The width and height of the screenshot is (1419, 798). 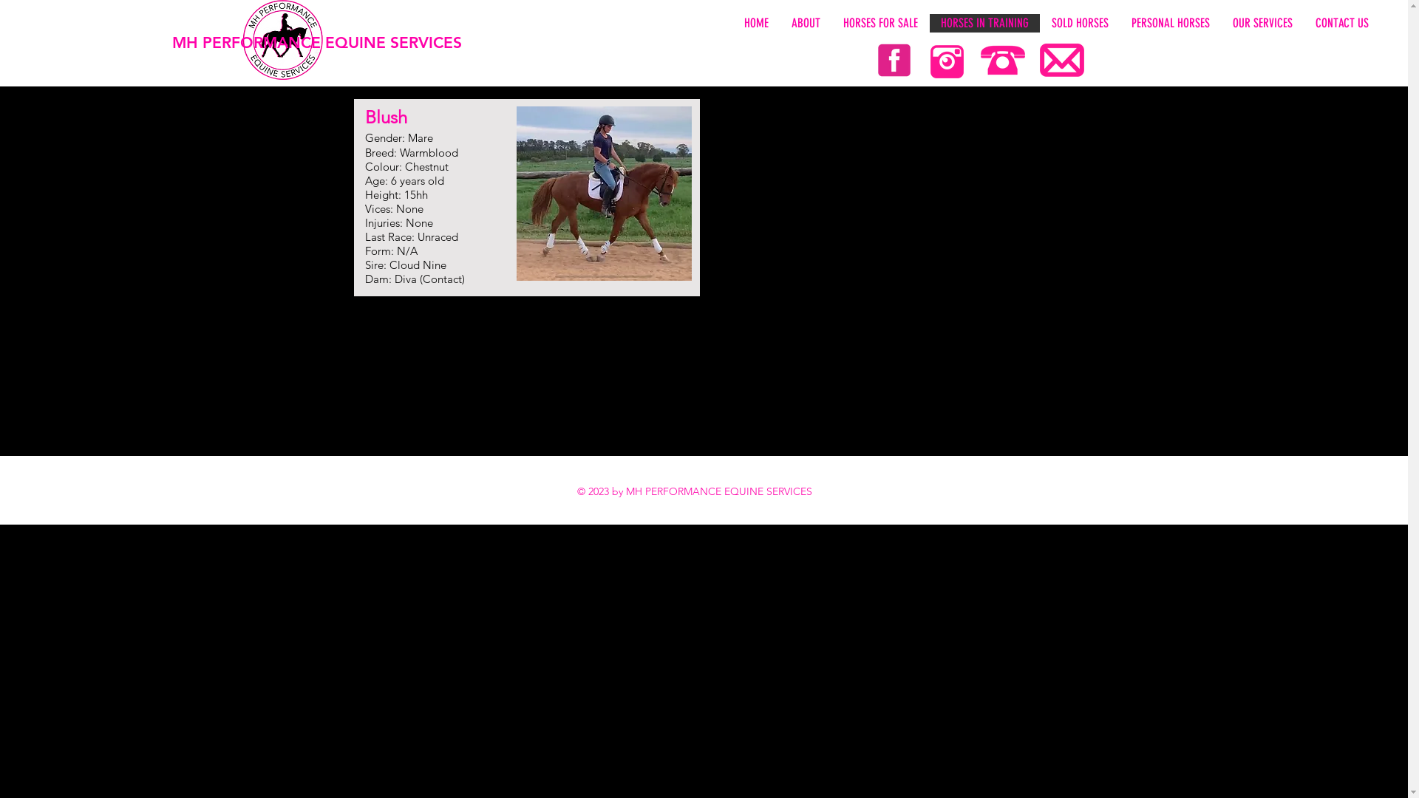 I want to click on 'MH PERFORMANCE EQUINE SERVICES', so click(x=325, y=41).